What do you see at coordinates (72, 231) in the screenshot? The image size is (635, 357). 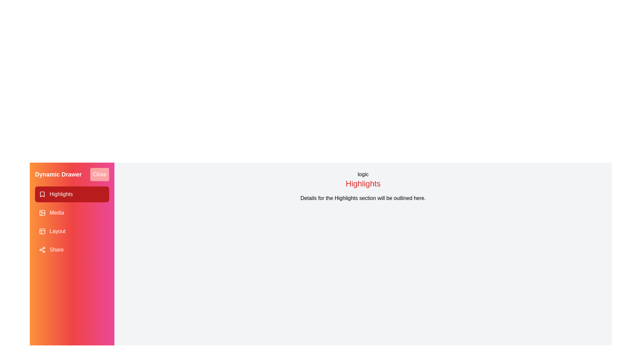 I see `the drawer item corresponding to Layout` at bounding box center [72, 231].